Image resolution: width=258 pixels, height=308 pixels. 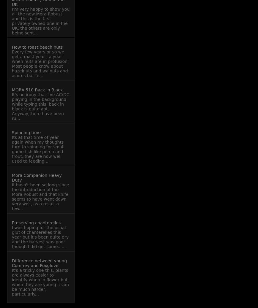 I want to click on 'Its at that time of year again when my thoughts turn to spinning for small game fish like perch and trout..they are now well used to feeding...', so click(x=38, y=149).